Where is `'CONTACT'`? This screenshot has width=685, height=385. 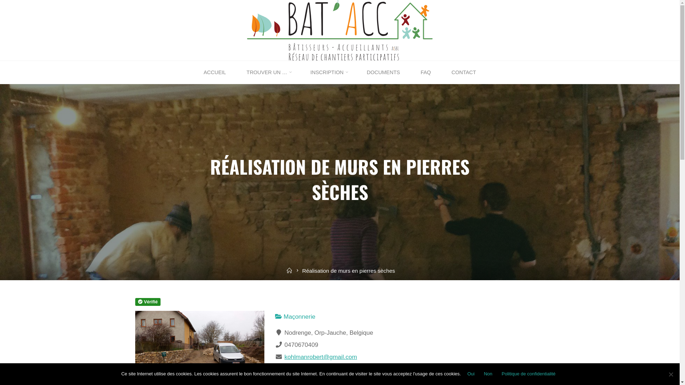 'CONTACT' is located at coordinates (464, 72).